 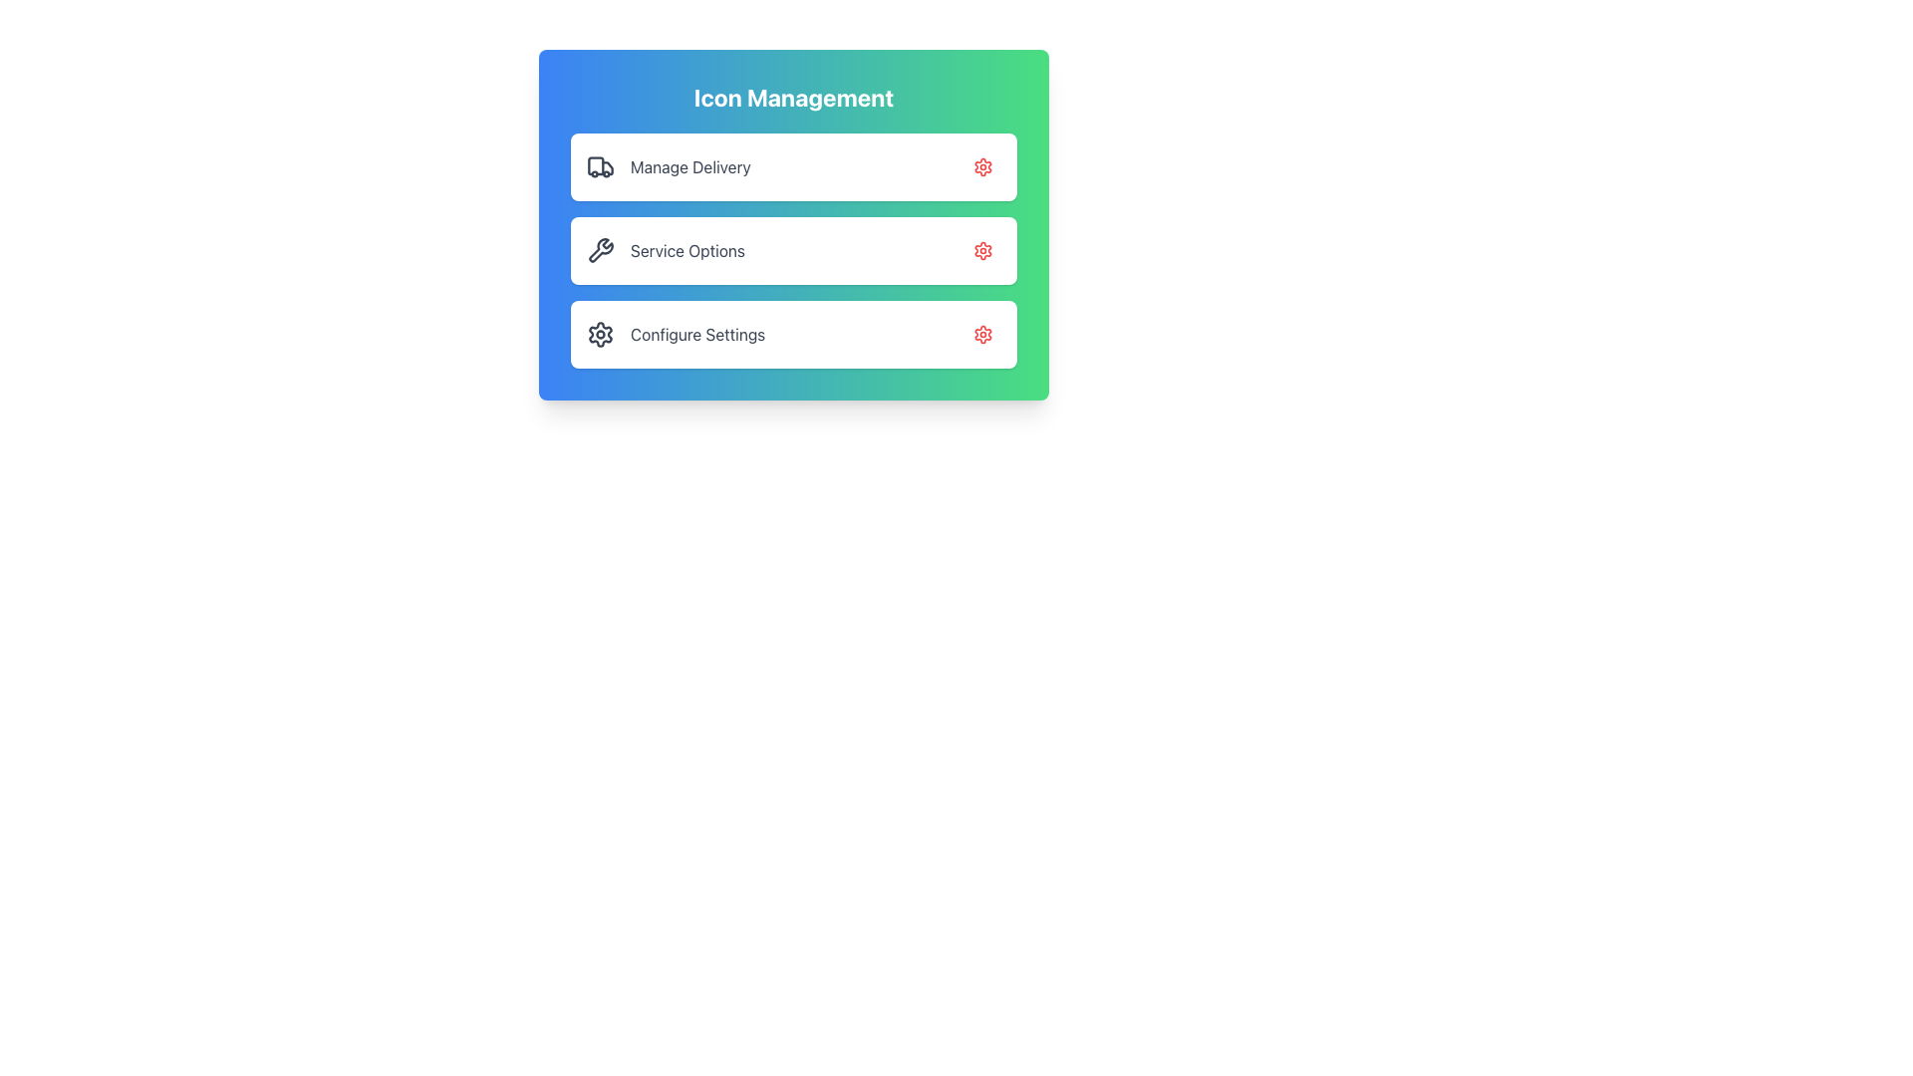 I want to click on the 'Manage Delivery' item associated with the truck icon located in the 'Icon Management' section, so click(x=600, y=166).